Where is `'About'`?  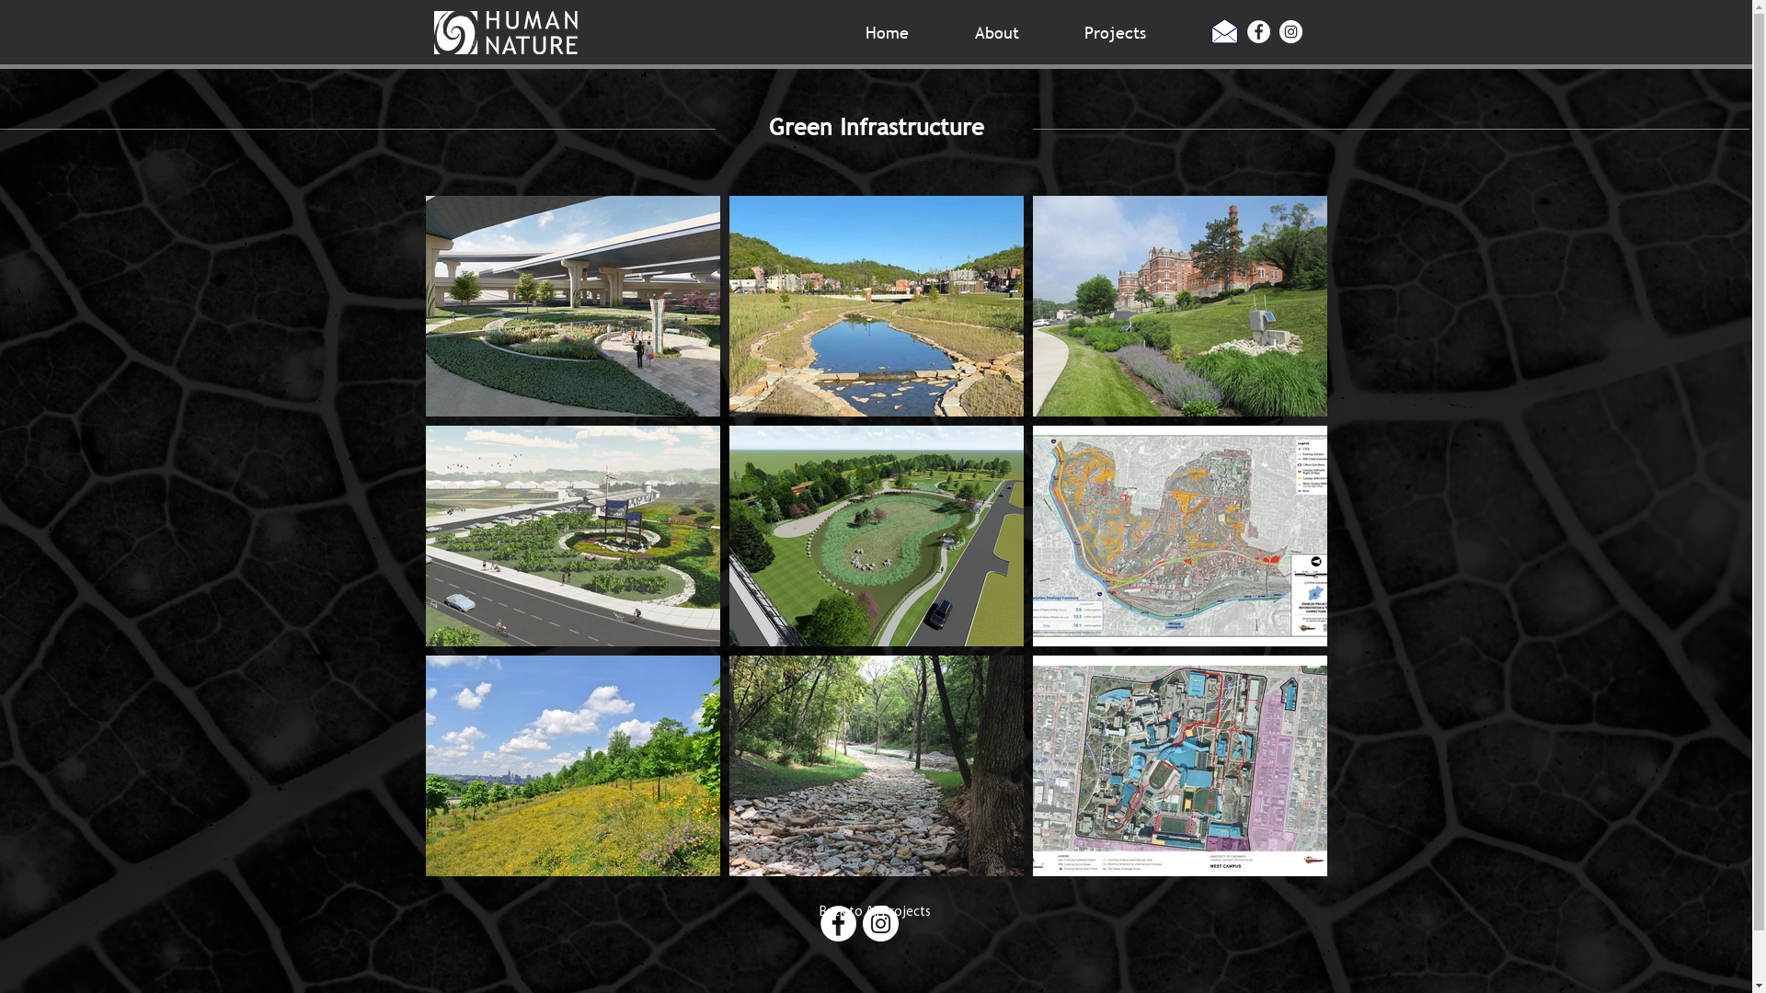 'About' is located at coordinates (958, 30).